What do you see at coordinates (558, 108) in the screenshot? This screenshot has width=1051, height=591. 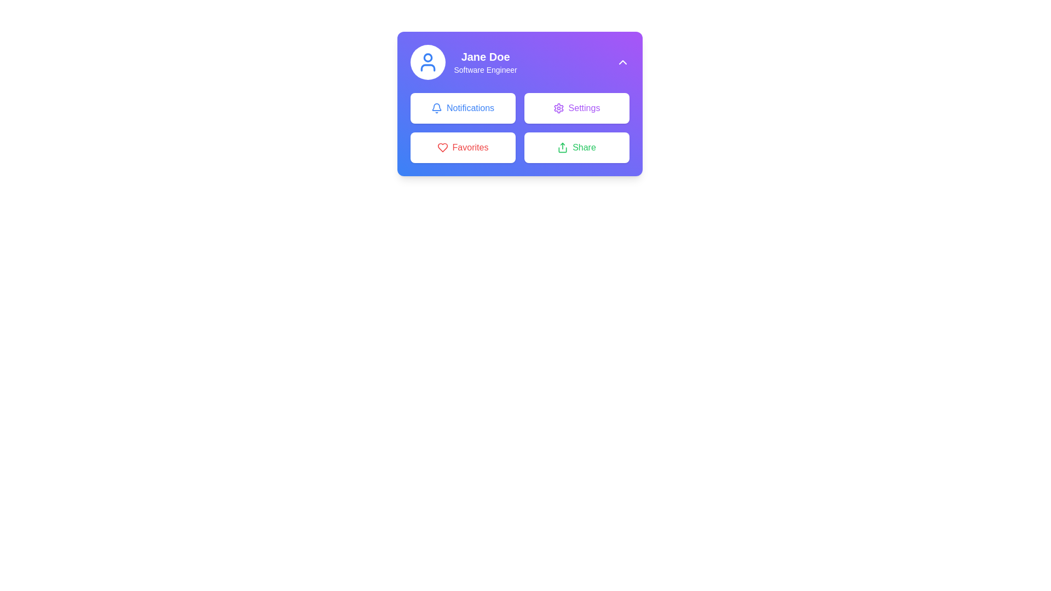 I see `the cogwheel icon in the top-right area of the card component` at bounding box center [558, 108].